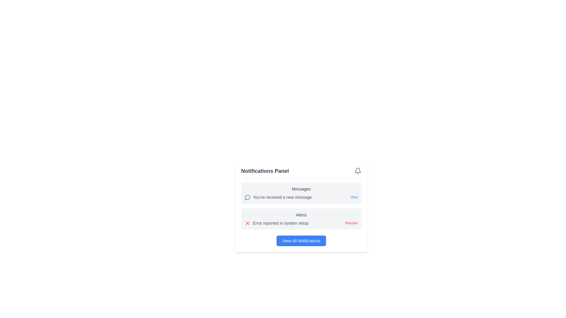 The image size is (566, 318). I want to click on the notification panel component that displays categorized updates and action buttons for focus, so click(301, 224).